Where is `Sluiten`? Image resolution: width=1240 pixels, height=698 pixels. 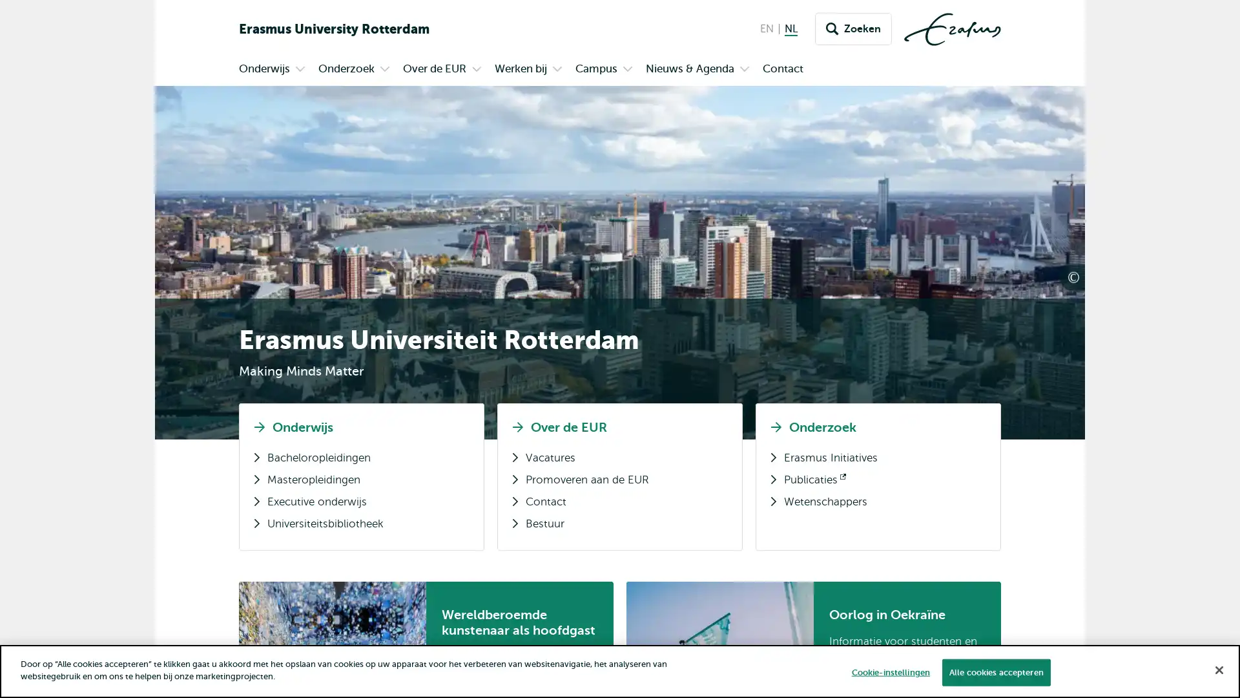 Sluiten is located at coordinates (1218, 669).